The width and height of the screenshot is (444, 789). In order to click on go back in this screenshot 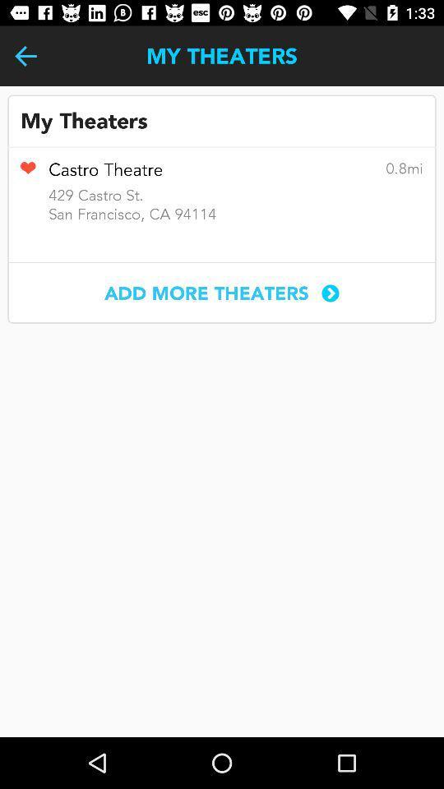, I will do `click(25, 56)`.